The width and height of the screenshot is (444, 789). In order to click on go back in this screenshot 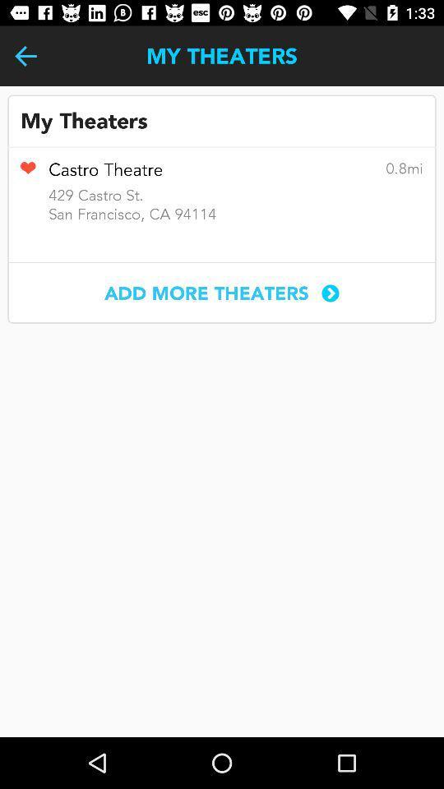, I will do `click(25, 56)`.